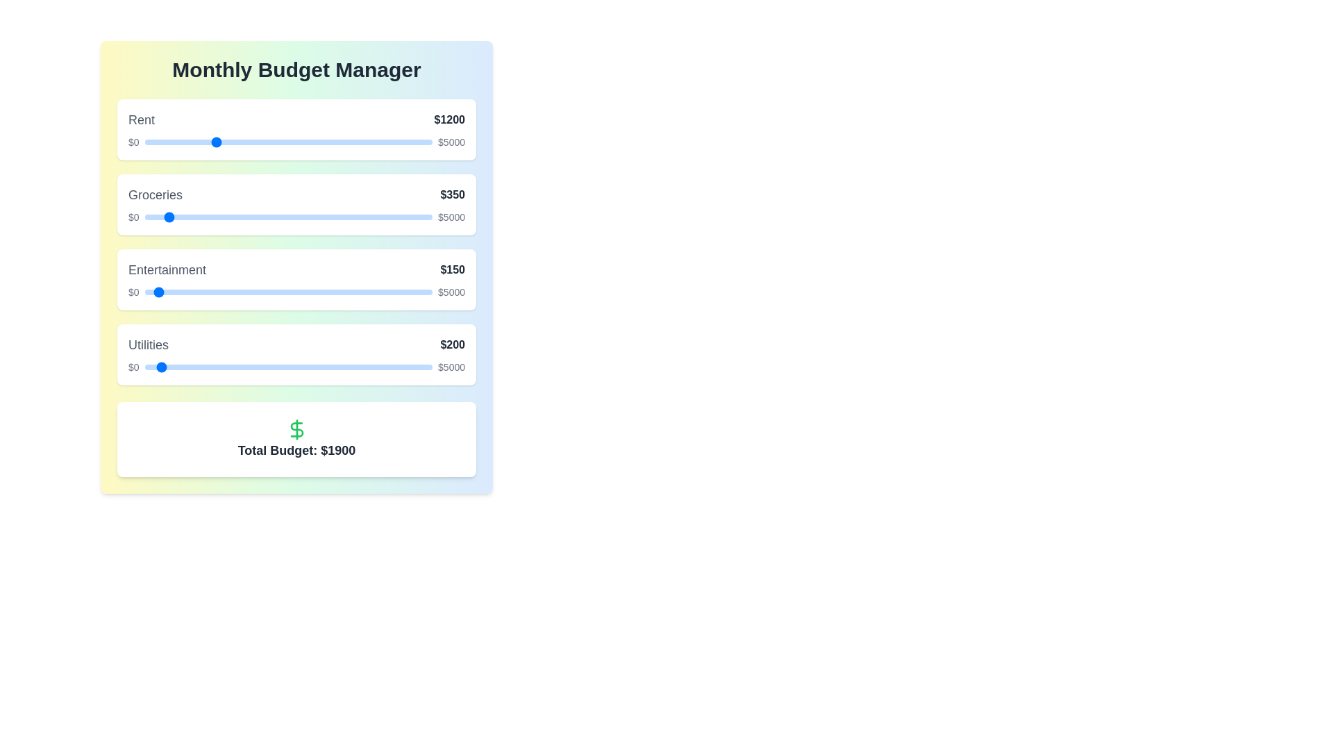 Image resolution: width=1333 pixels, height=750 pixels. I want to click on the groceries budget slider, so click(182, 217).